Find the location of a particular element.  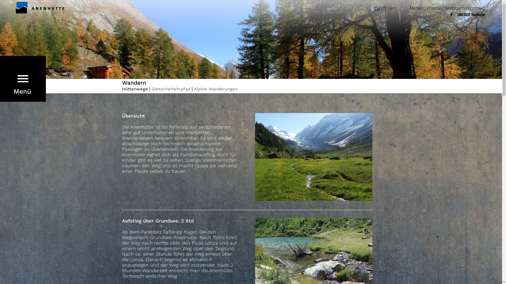

'Webcam' is located at coordinates (454, 8).